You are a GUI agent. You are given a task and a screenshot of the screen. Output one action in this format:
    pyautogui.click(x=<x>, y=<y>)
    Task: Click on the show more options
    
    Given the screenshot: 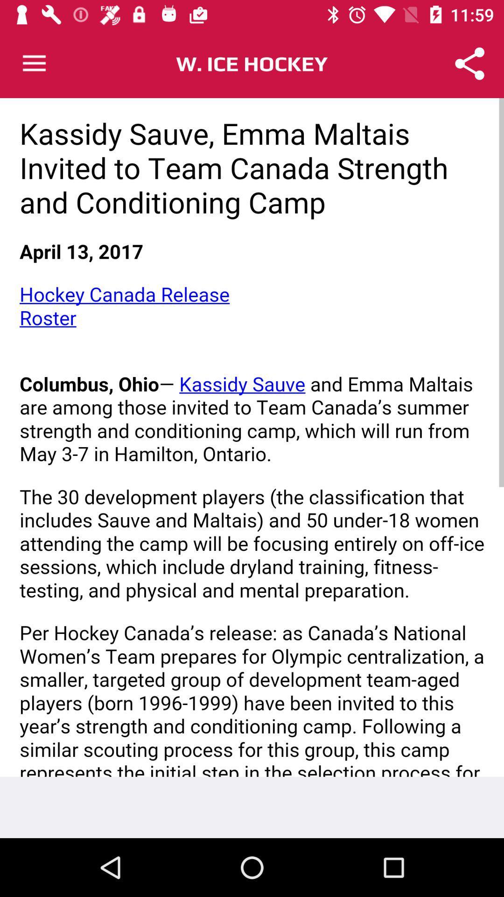 What is the action you would take?
    pyautogui.click(x=34, y=63)
    